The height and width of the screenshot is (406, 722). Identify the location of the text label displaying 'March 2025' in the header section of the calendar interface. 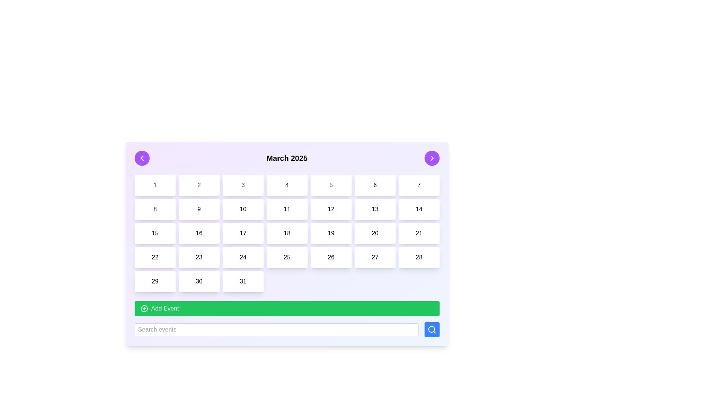
(287, 158).